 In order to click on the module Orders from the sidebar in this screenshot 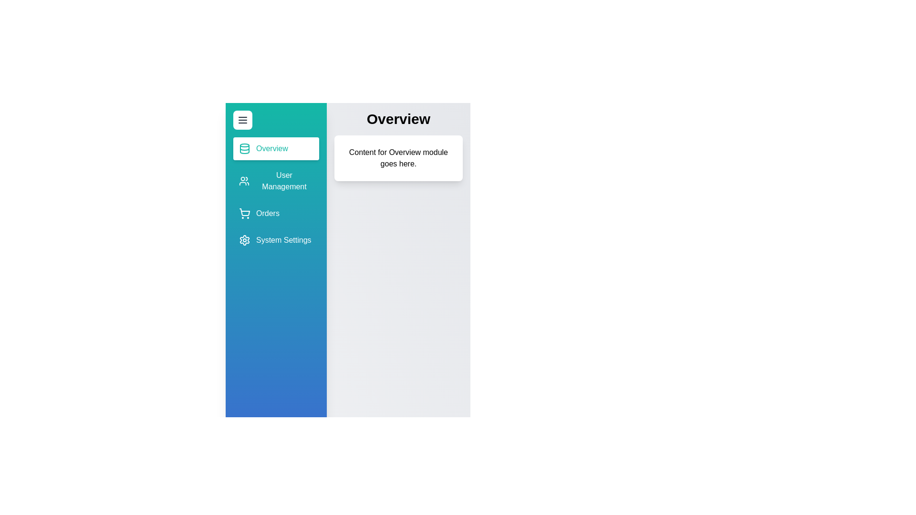, I will do `click(275, 213)`.